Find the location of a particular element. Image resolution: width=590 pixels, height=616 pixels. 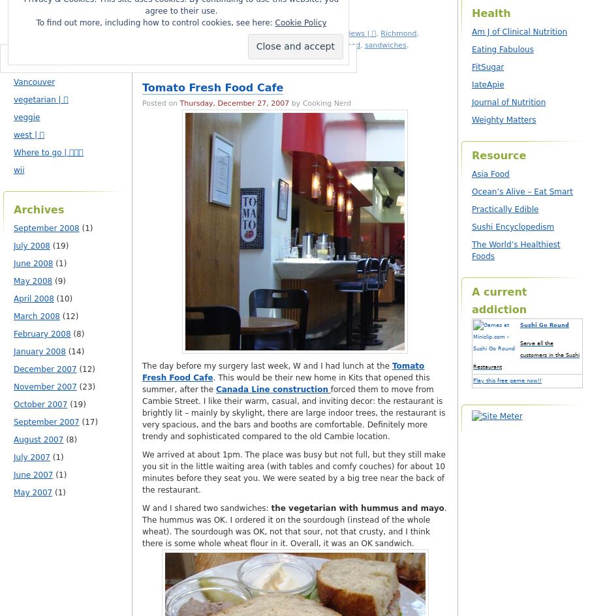

'Serve all the customers in the Sushi Restaurant' is located at coordinates (525, 354).